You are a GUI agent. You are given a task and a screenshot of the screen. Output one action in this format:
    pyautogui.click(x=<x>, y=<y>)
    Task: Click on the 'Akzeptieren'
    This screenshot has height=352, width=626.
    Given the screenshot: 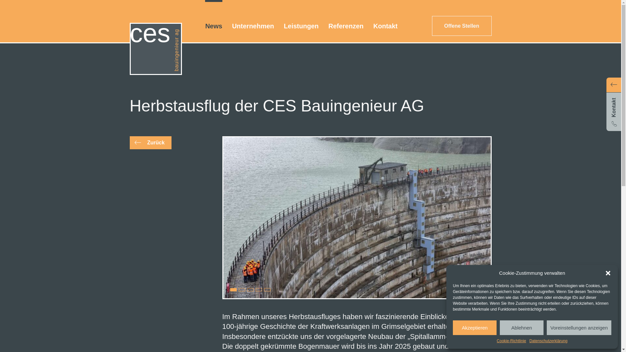 What is the action you would take?
    pyautogui.click(x=474, y=328)
    